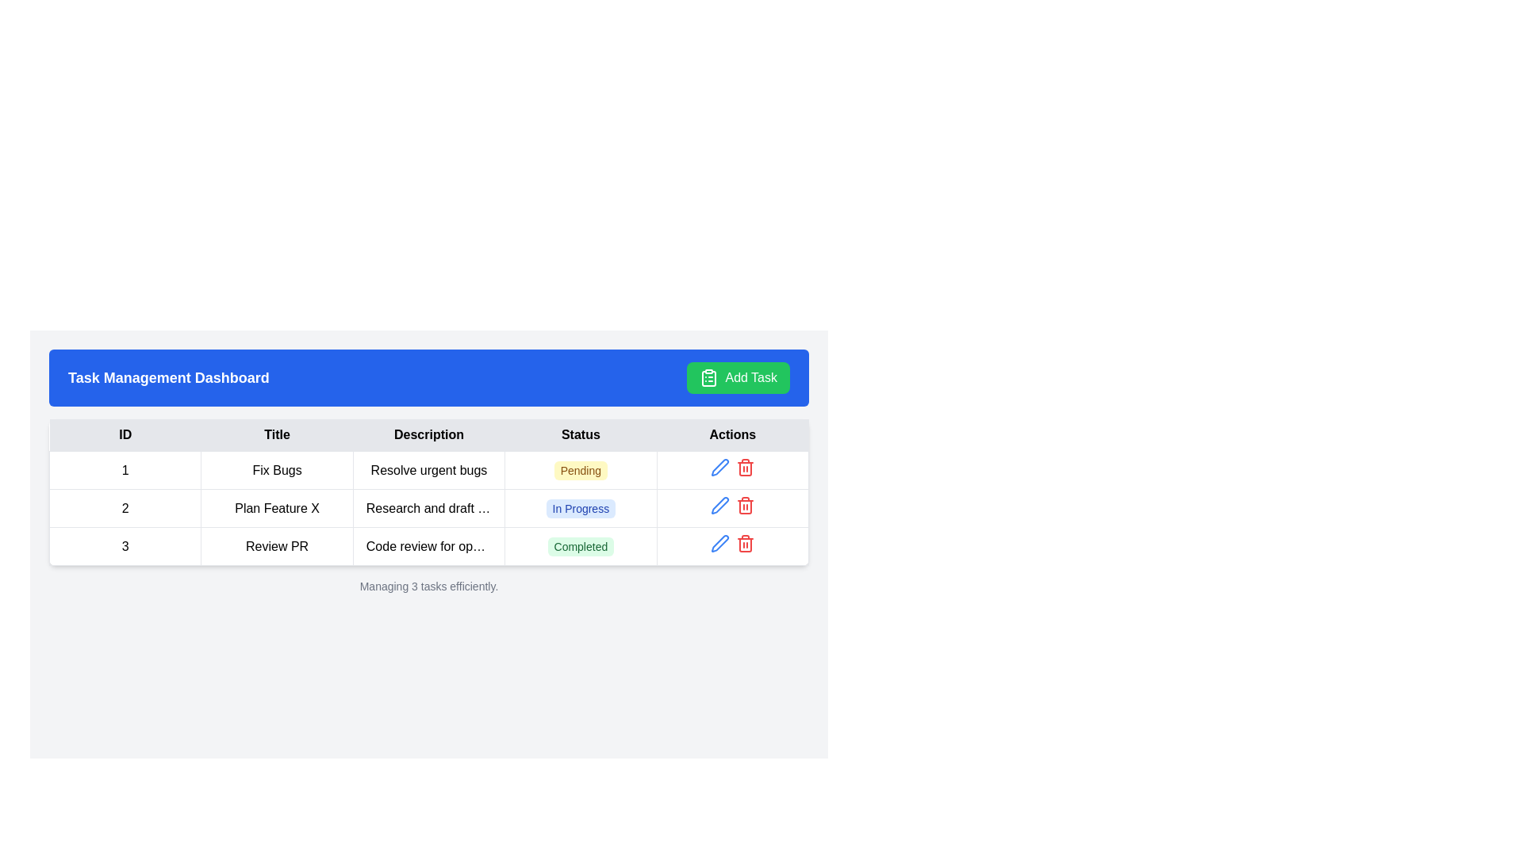 The image size is (1523, 856). Describe the element at coordinates (744, 468) in the screenshot. I see `the trash can icon in the 'Actions' column of the table corresponding to the task titled 'Review PR'` at that location.